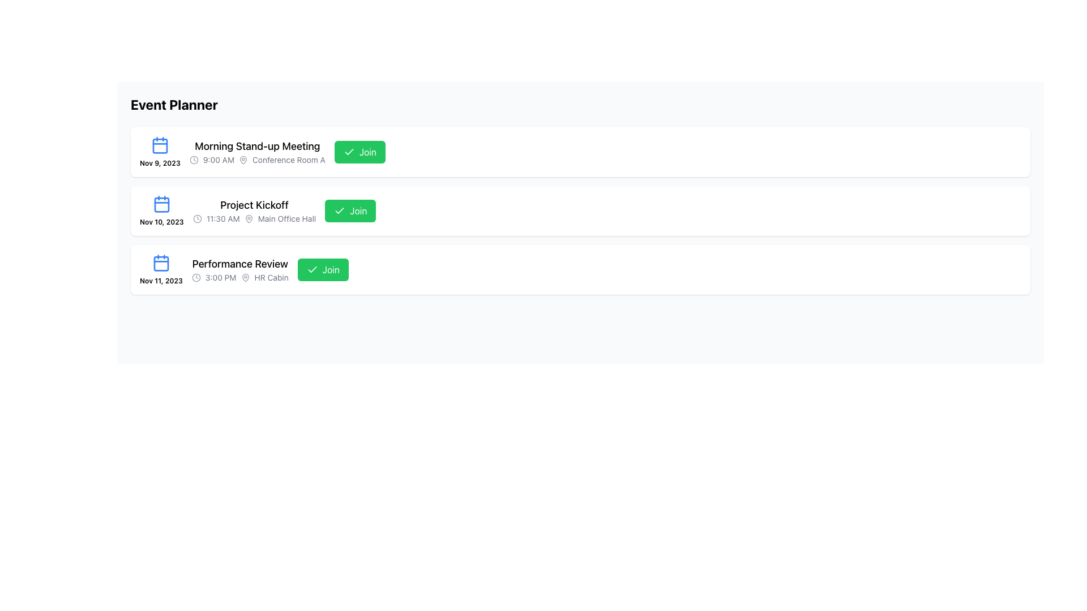 The width and height of the screenshot is (1087, 611). Describe the element at coordinates (339, 211) in the screenshot. I see `the checkmark icon located to the left of the 'Join' button in the second event row ('Project Kickoff') of the Event Planner interface, which indicates a completed or confirmed action` at that location.